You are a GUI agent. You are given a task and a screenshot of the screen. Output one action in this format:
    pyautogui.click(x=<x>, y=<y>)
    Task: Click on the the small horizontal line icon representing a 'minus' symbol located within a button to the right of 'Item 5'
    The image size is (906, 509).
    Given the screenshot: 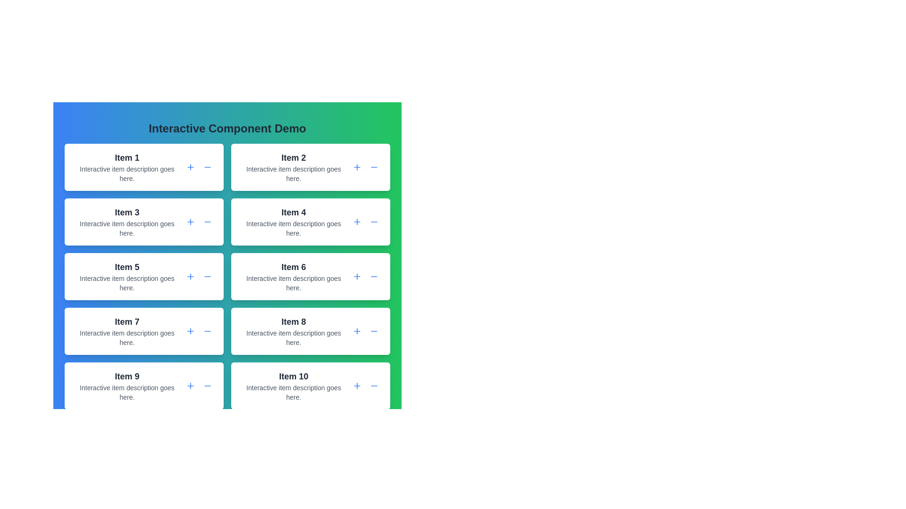 What is the action you would take?
    pyautogui.click(x=207, y=276)
    